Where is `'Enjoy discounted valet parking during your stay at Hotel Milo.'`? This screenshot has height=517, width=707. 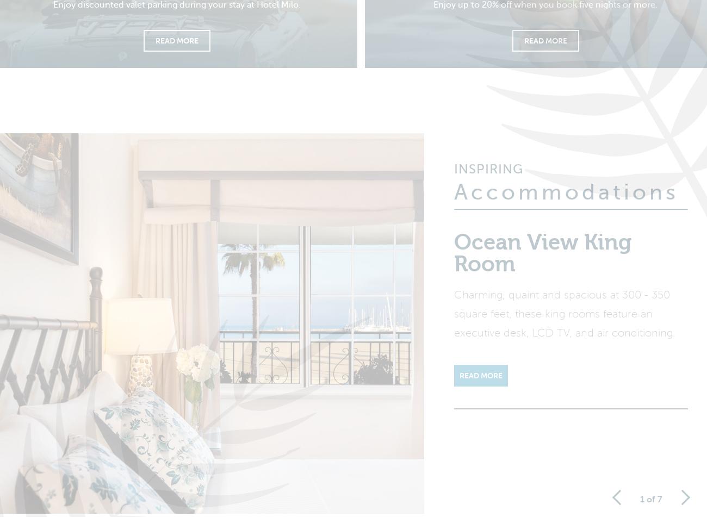
'Enjoy discounted valet parking during your stay at Hotel Milo.' is located at coordinates (52, 11).